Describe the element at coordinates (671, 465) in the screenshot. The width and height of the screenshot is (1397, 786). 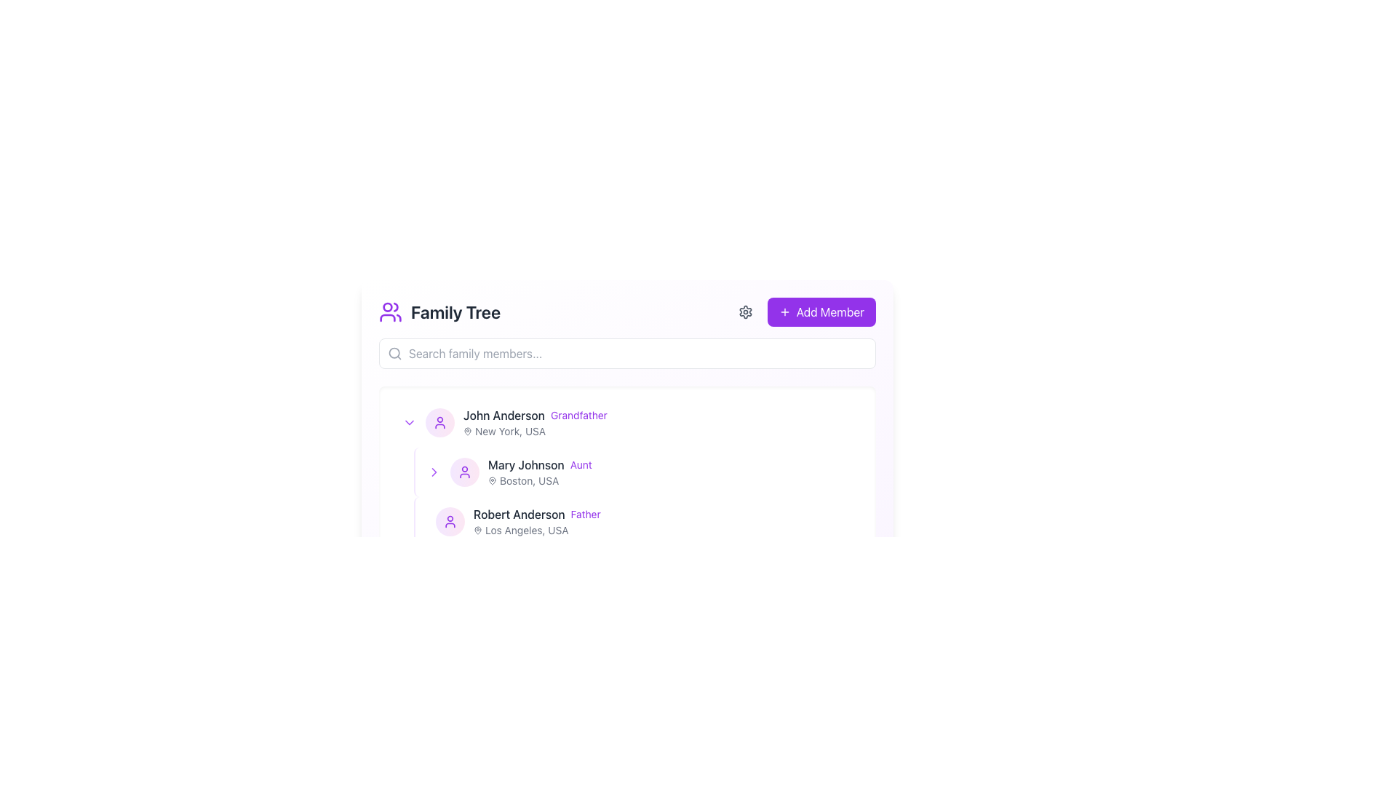
I see `the Text Label displaying 'Mary Johnson' with the role 'Aunt' by moving the mouse to its center point` at that location.